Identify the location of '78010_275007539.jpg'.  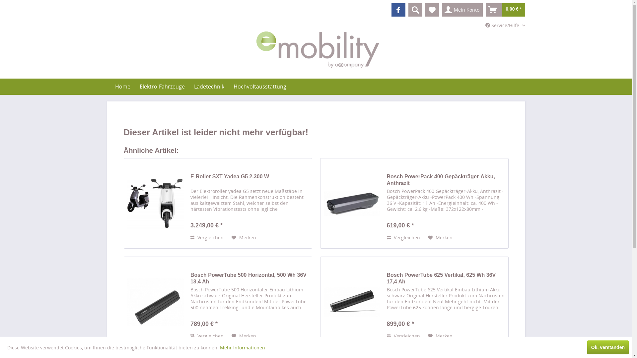
(127, 302).